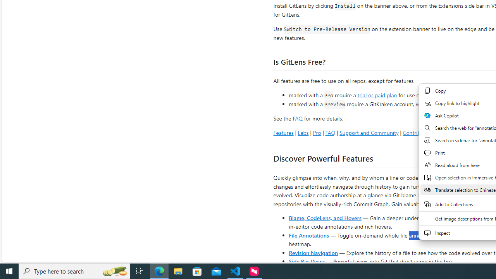 This screenshot has height=279, width=496. What do you see at coordinates (308, 234) in the screenshot?
I see `'File Annotations'` at bounding box center [308, 234].